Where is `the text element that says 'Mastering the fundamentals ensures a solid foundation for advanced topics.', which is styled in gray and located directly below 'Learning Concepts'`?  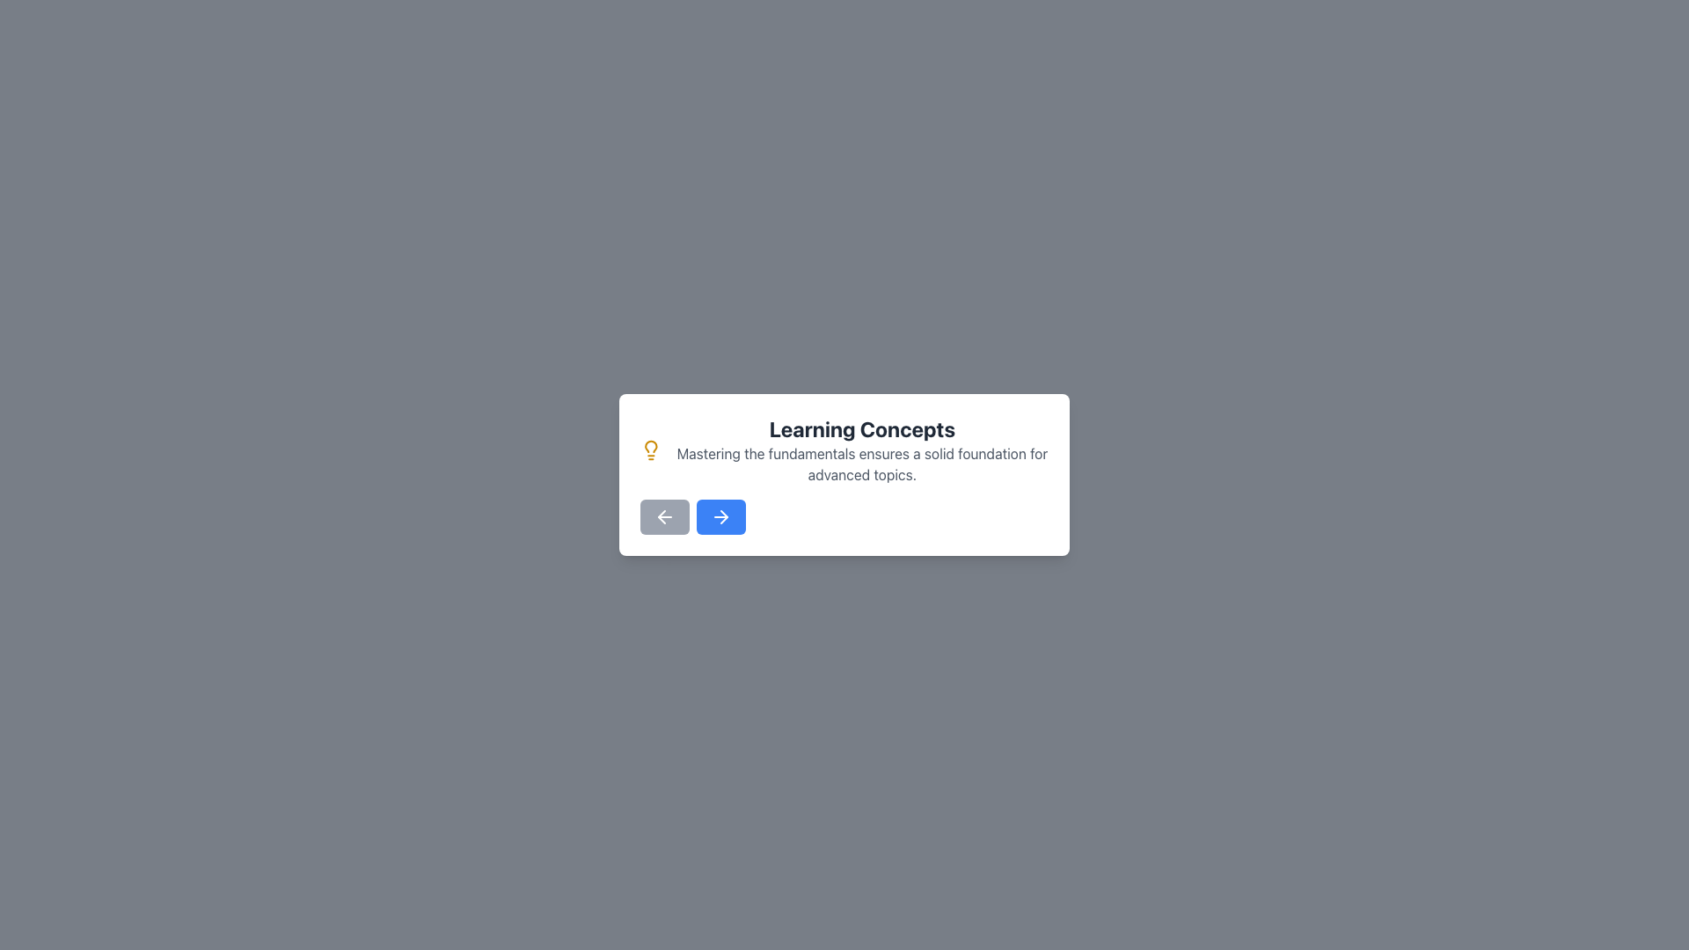
the text element that says 'Mastering the fundamentals ensures a solid foundation for advanced topics.', which is styled in gray and located directly below 'Learning Concepts' is located at coordinates (862, 464).